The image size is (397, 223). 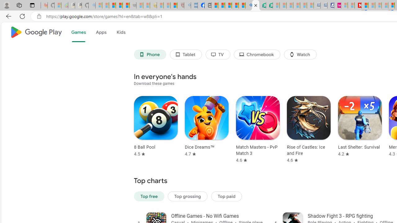 I want to click on 'Top free', so click(x=149, y=196).